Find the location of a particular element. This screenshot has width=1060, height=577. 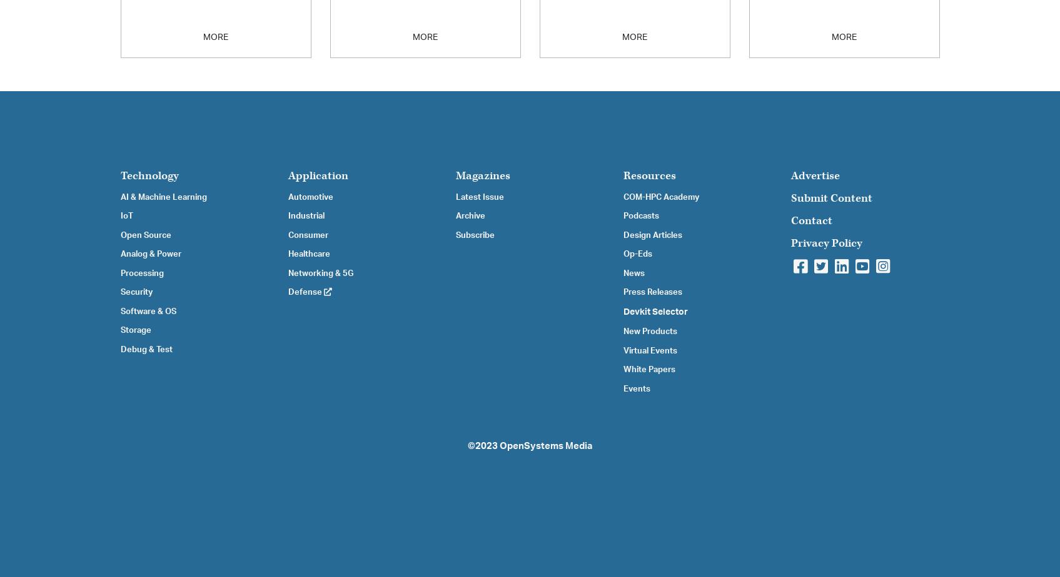

'Debug & Test' is located at coordinates (145, 349).